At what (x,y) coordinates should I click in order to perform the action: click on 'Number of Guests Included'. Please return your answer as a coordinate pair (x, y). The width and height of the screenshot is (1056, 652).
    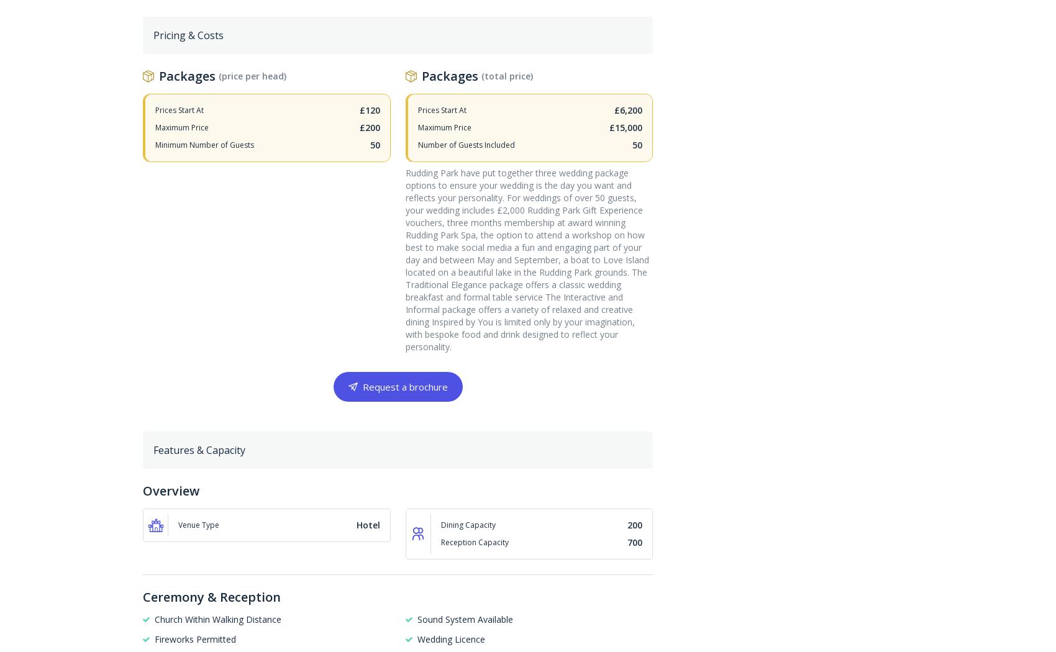
    Looking at the image, I should click on (465, 144).